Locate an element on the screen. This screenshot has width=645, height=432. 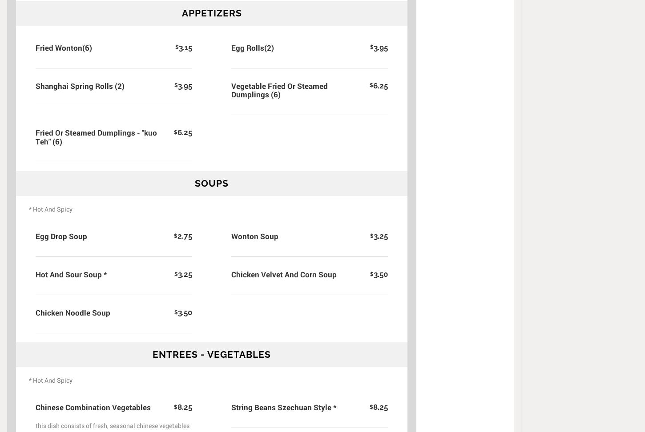
'Egg Rolls(2)' is located at coordinates (252, 47).